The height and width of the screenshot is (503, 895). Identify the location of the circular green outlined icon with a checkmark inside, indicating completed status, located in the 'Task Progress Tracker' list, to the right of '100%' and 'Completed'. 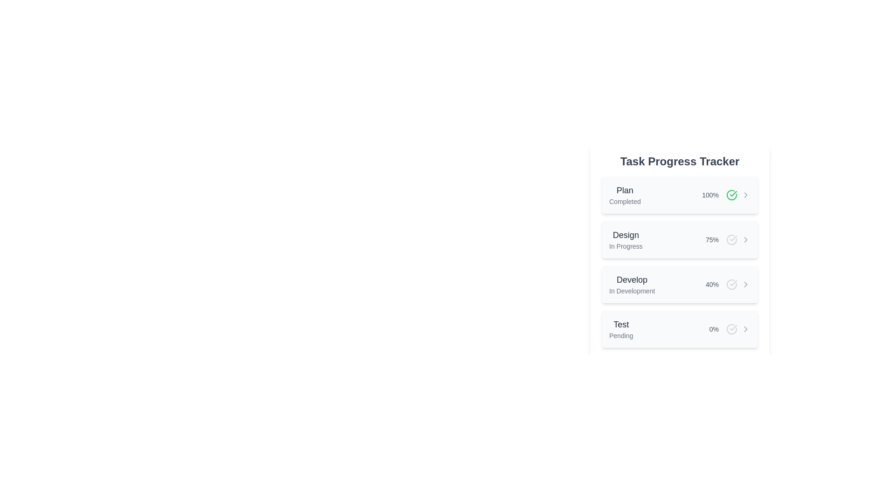
(731, 195).